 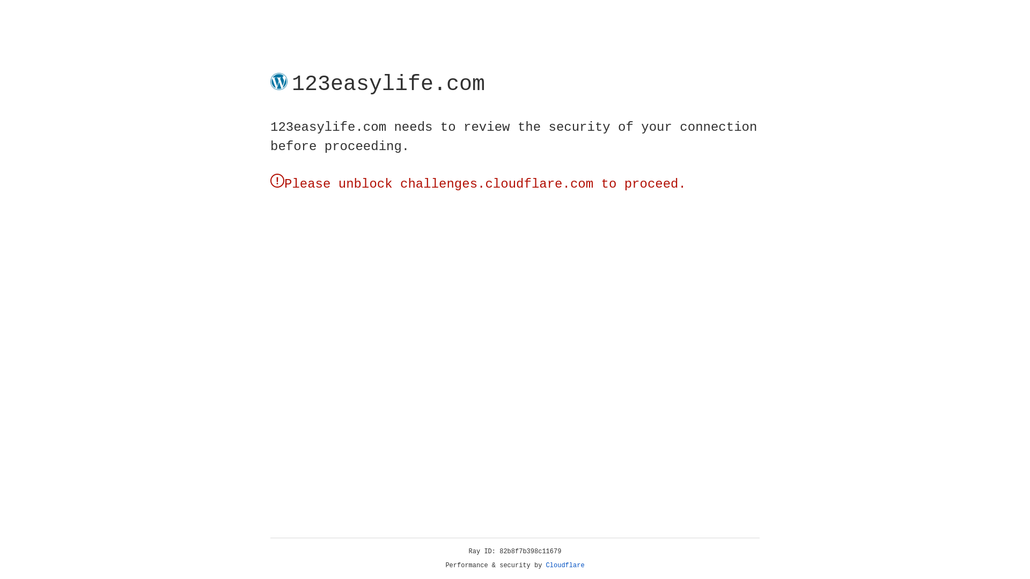 I want to click on 'Cloudflare', so click(x=565, y=565).